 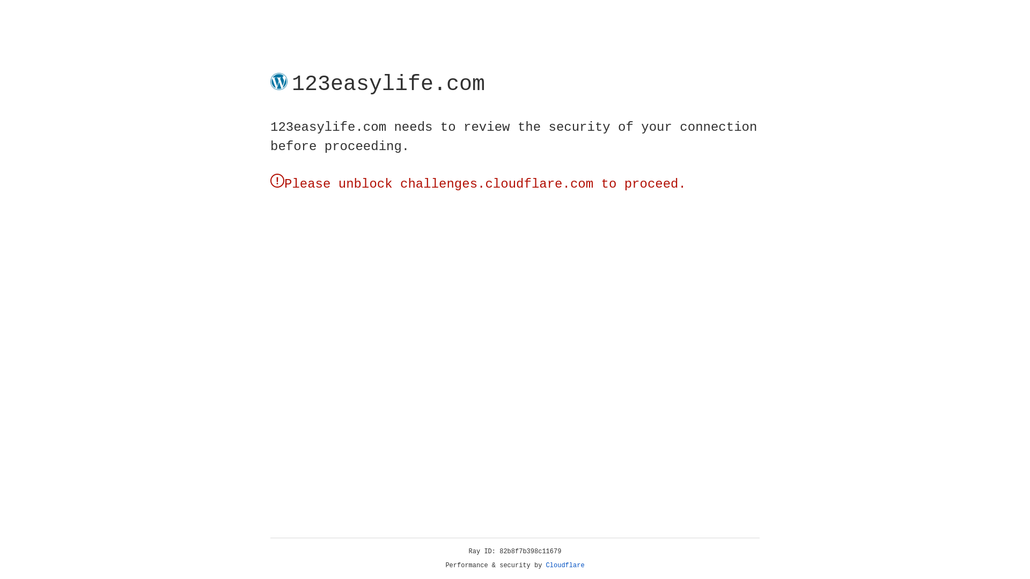 I want to click on 'Cloudflare', so click(x=565, y=565).